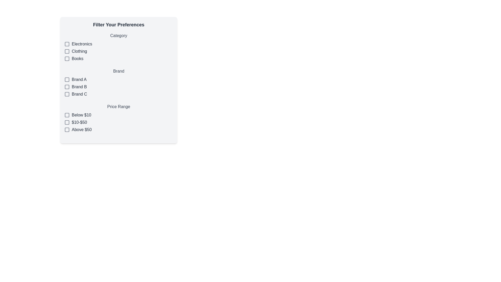 Image resolution: width=501 pixels, height=282 pixels. I want to click on the 'Below $10' checkbox located under the 'Price Range' label, so click(67, 115).